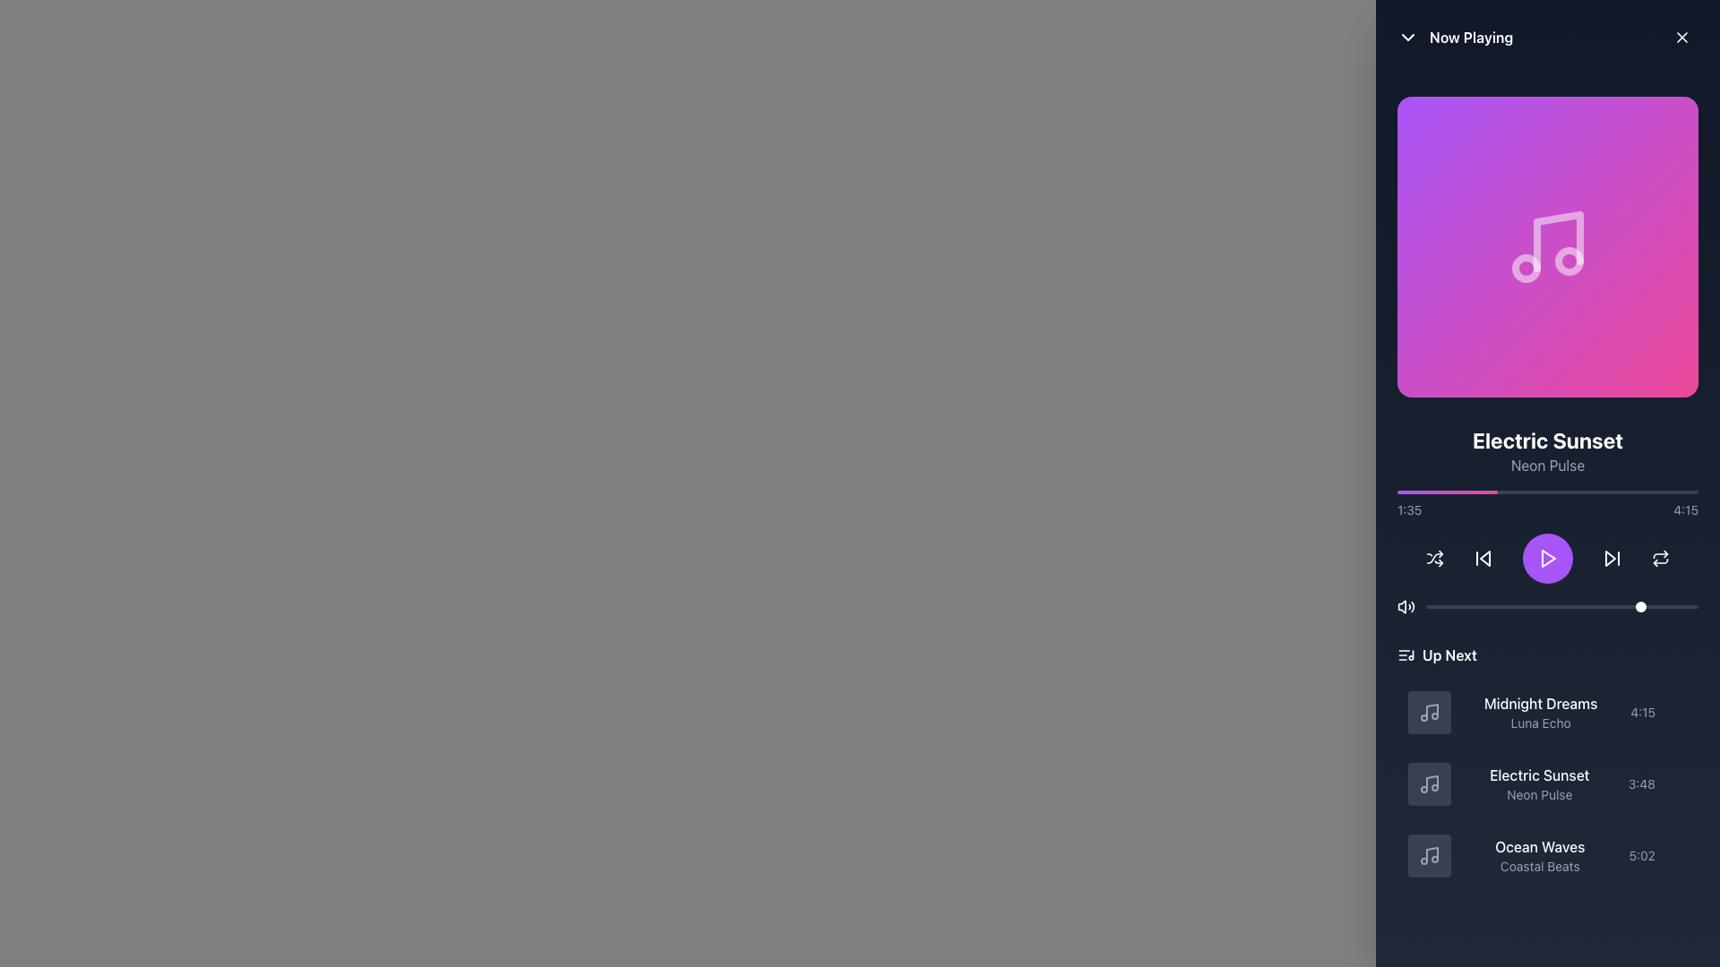 This screenshot has height=967, width=1720. I want to click on the favorite button for the track 'Ocean Waves - Coastal Beats' located in the 'Up Next' playlist section, at the far right of the entry adjacent, so click(1677, 855).